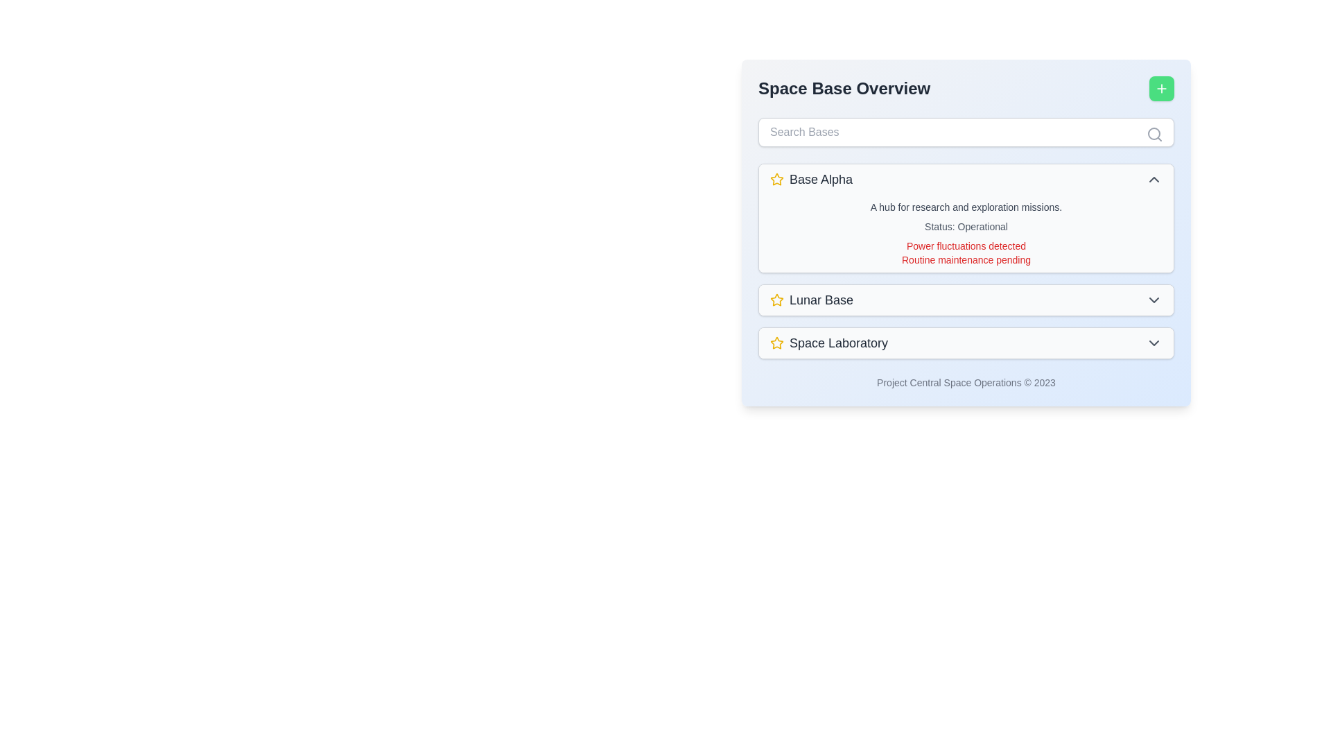  What do you see at coordinates (965, 232) in the screenshot?
I see `displayed information from the Expandable Section titled 'Base Alpha', which includes descriptive text and status indicators` at bounding box center [965, 232].